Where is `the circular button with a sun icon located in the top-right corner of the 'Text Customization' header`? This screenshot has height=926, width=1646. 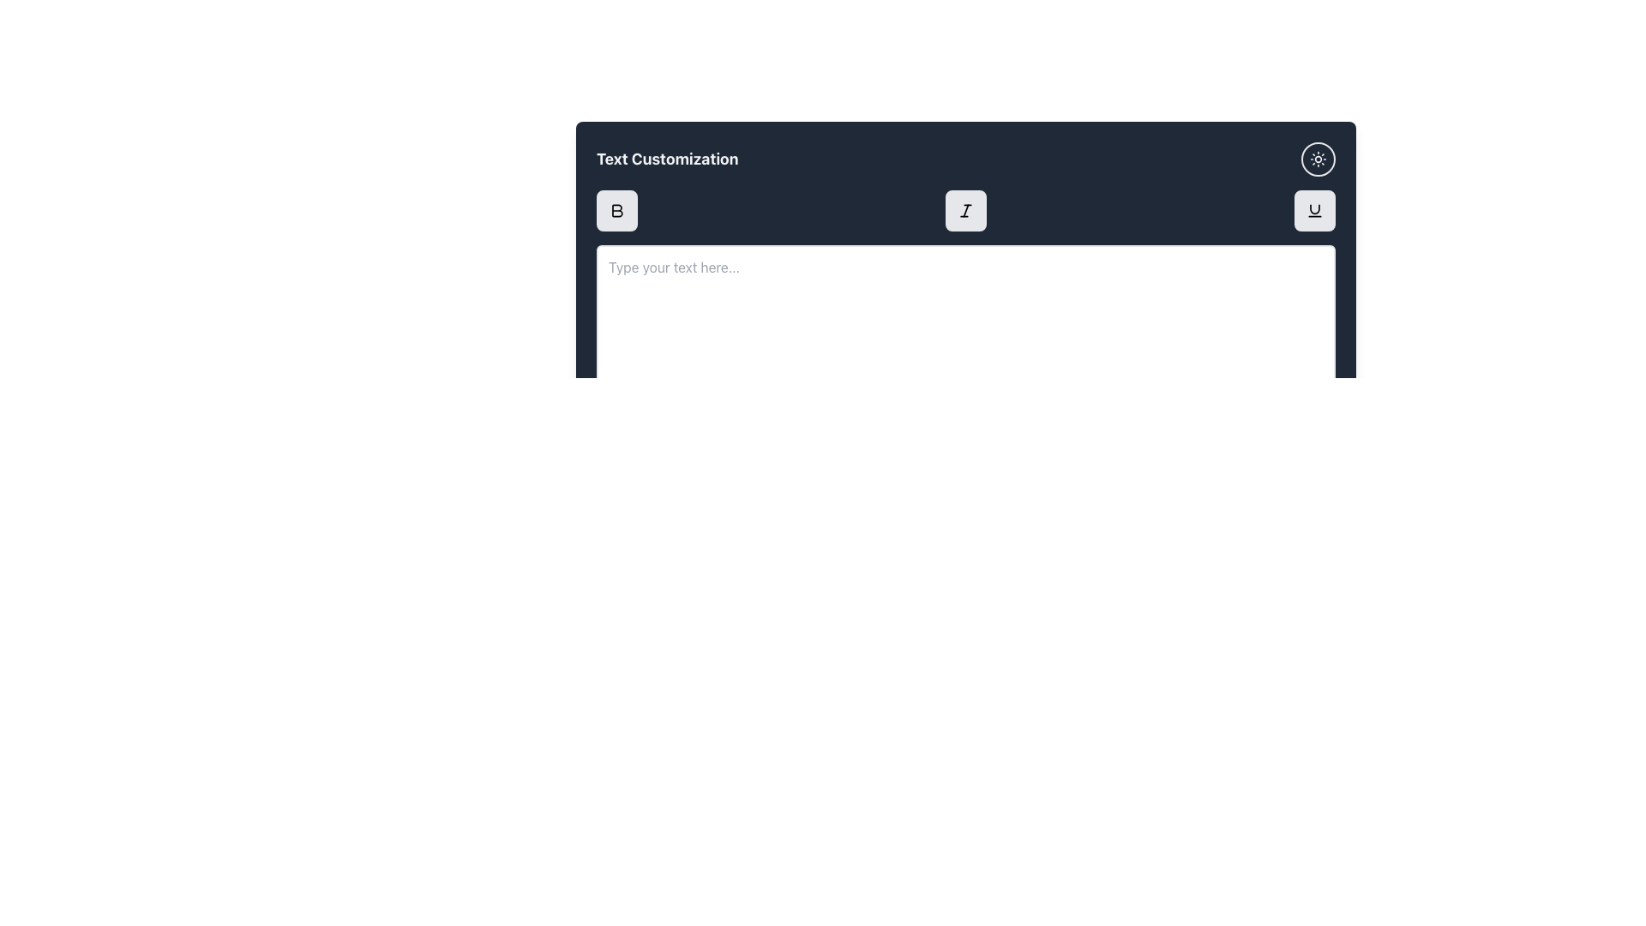 the circular button with a sun icon located in the top-right corner of the 'Text Customization' header is located at coordinates (1317, 159).